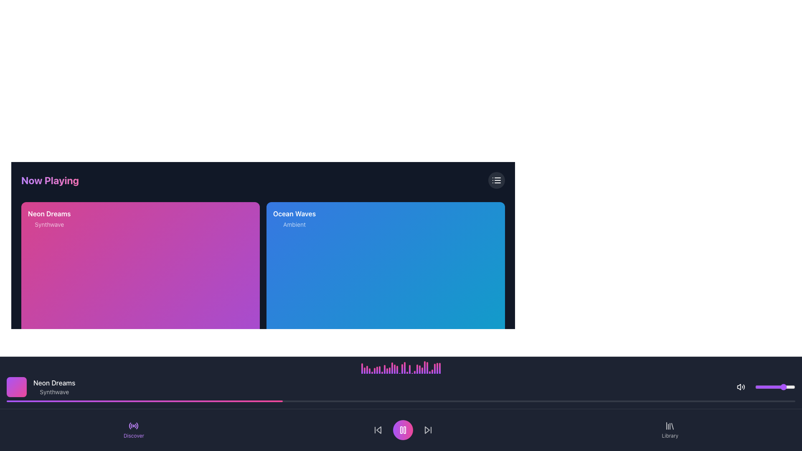 This screenshot has width=802, height=451. I want to click on the sixth vertical bar in the visualization, which has a gradient color transitioning from purple at the bottom to pink at the top and features a rounded top edge, so click(374, 369).